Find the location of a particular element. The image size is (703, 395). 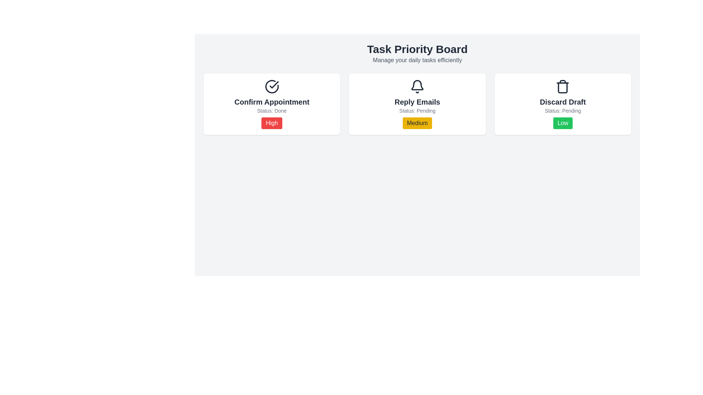

the text label that displays 'Status: Done', which is located below the title 'Confirm Appointment' and above the red badge labeled 'High' is located at coordinates (271, 111).